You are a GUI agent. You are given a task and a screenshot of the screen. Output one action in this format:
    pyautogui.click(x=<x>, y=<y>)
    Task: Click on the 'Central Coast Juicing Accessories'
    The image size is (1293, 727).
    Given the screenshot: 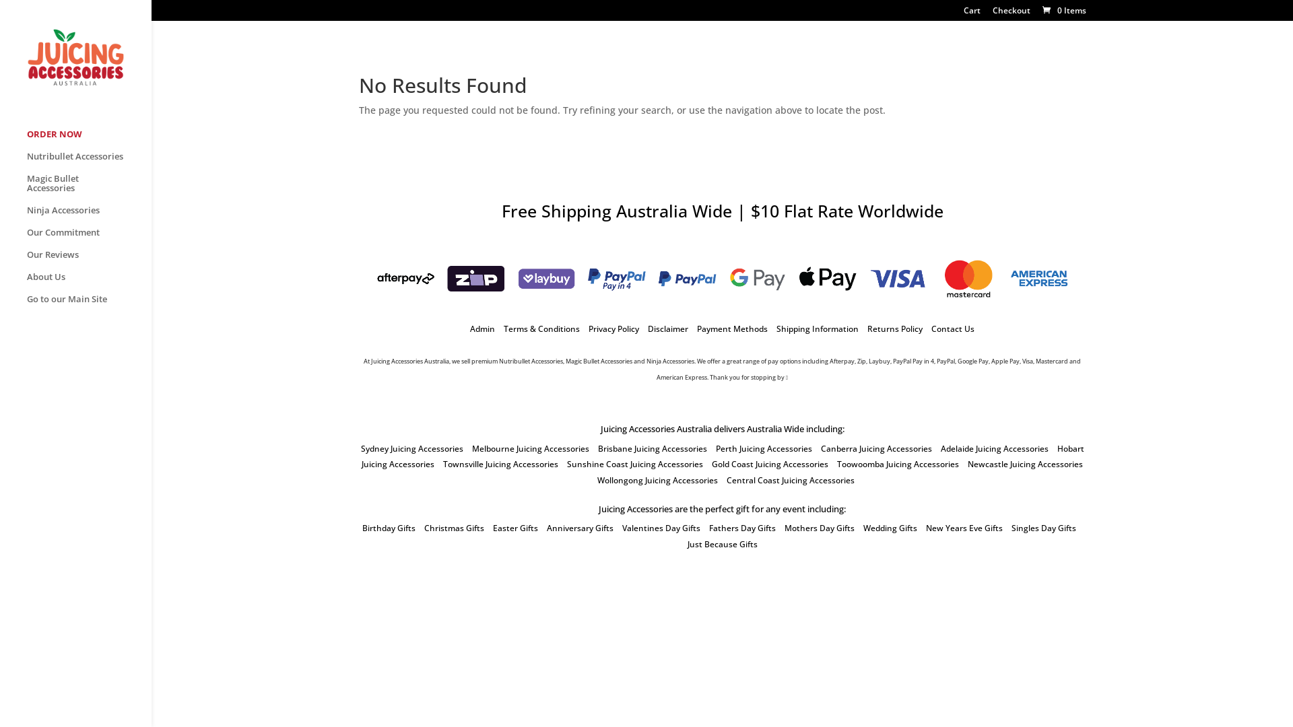 What is the action you would take?
    pyautogui.click(x=789, y=479)
    